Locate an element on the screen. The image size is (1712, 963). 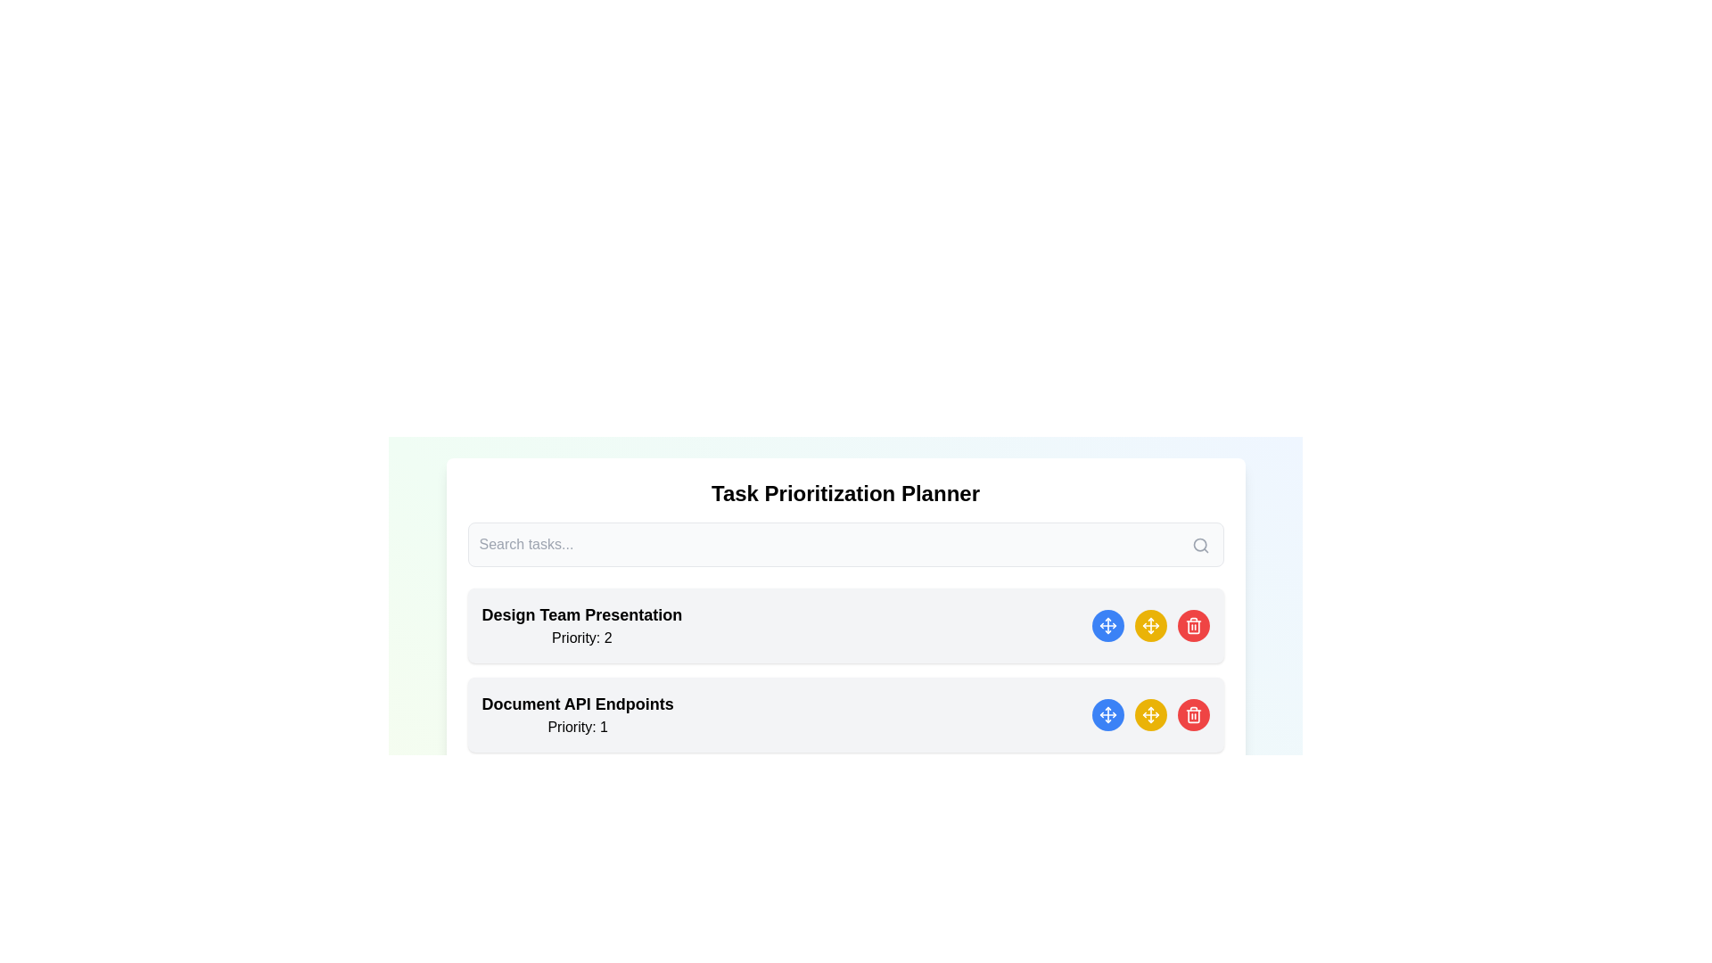
the static text display showing 'Document API Endpoints' and 'Priority: 1', which is the second entry in a vertically stacked list is located at coordinates (578, 714).